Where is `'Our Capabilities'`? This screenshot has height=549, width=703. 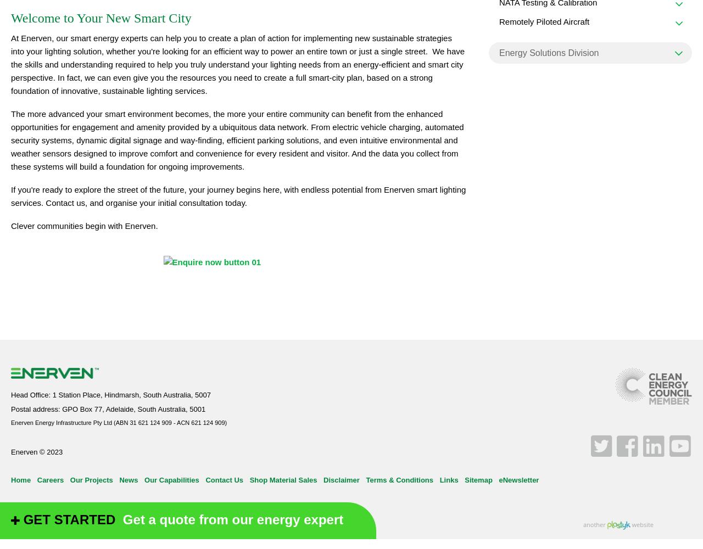 'Our Capabilities' is located at coordinates (171, 479).